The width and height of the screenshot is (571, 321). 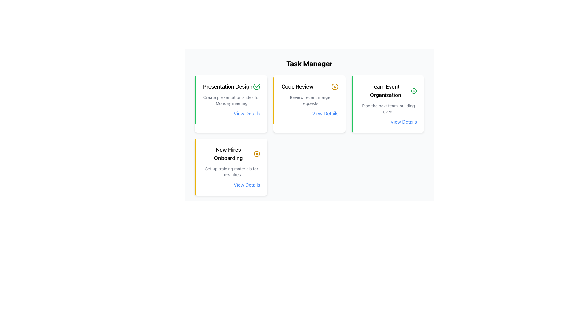 What do you see at coordinates (309, 63) in the screenshot?
I see `the 'Task Manager' title text located at the top central area of the interface` at bounding box center [309, 63].